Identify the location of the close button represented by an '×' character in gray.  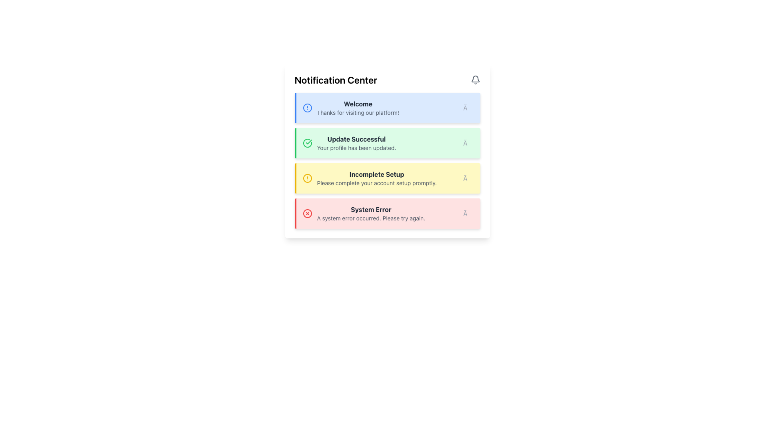
(468, 178).